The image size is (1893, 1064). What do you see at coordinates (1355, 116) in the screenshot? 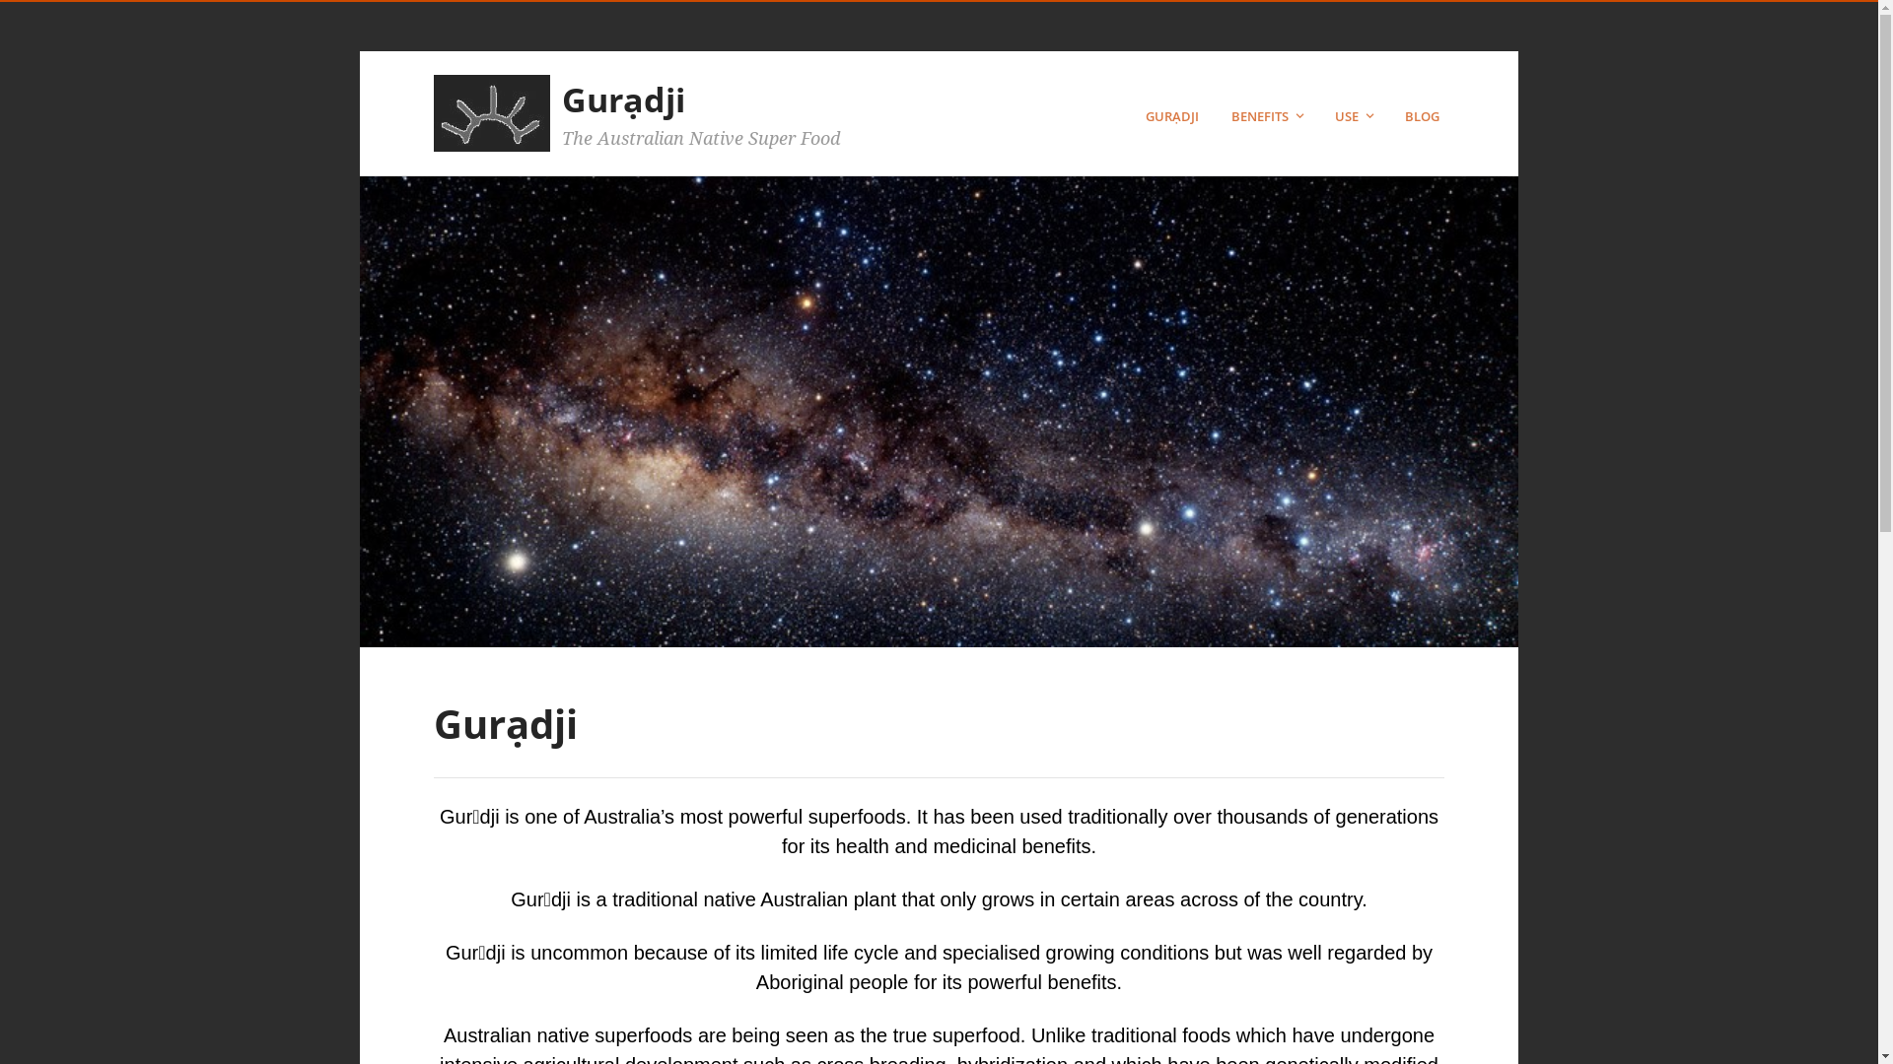
I see `'USE'` at bounding box center [1355, 116].